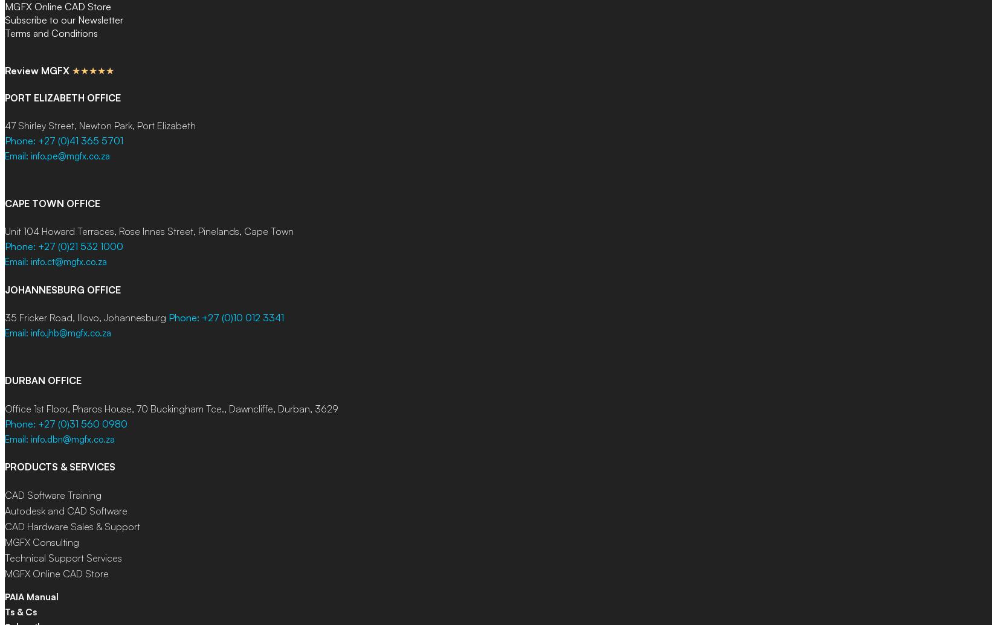  Describe the element at coordinates (66, 423) in the screenshot. I see `'Phone: +27 (0)31 560 0980'` at that location.